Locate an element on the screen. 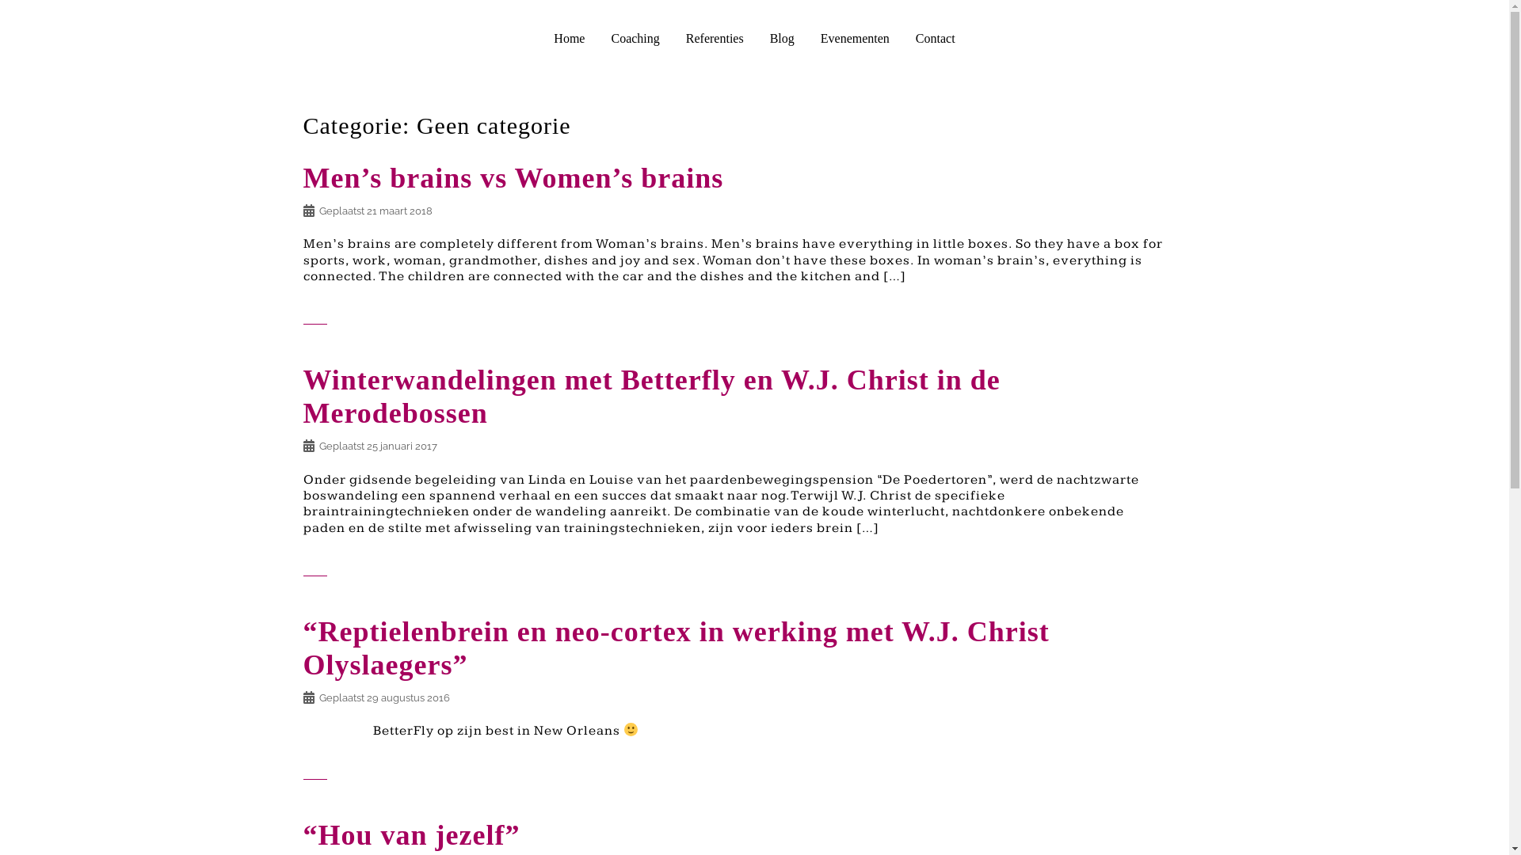 This screenshot has height=855, width=1521. '29 augustus 2016' is located at coordinates (364, 697).